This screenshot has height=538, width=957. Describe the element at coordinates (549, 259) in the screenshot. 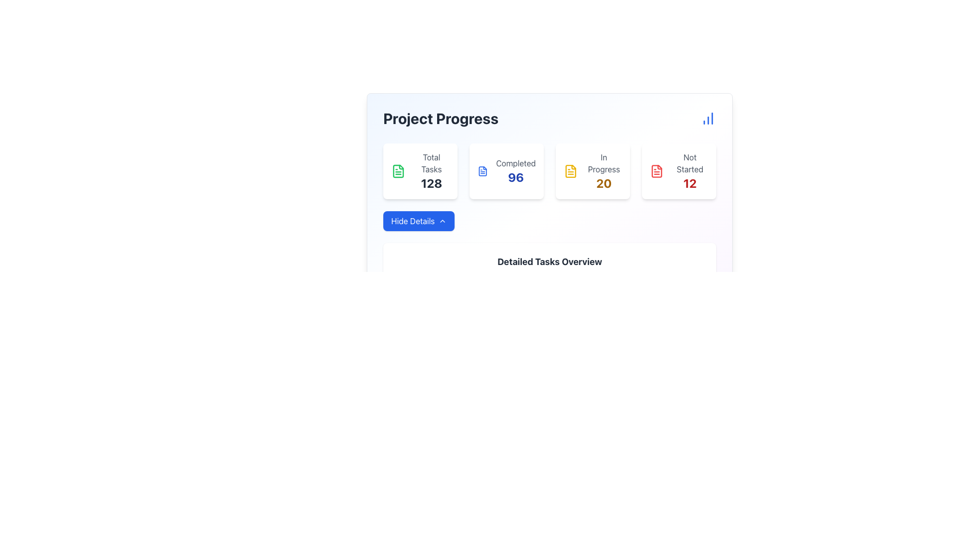

I see `the Informational text block located near the bottom of the 'Project Progress' widget, positioned directly below the 'Hide Details' button, for accessibility purposes` at that location.